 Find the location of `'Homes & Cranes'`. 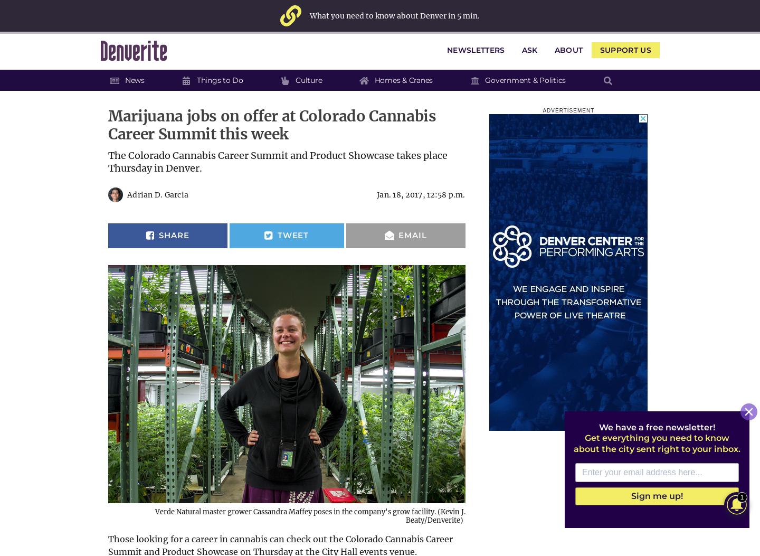

'Homes & Cranes' is located at coordinates (403, 79).